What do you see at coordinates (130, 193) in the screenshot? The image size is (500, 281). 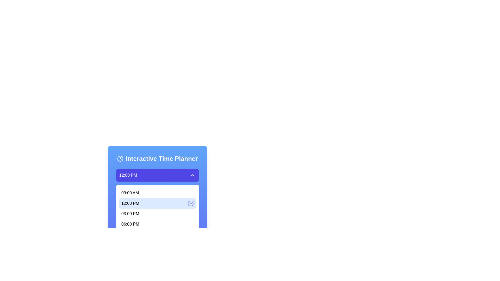 I see `the text label displaying '09:00 AM' in bold font style` at bounding box center [130, 193].